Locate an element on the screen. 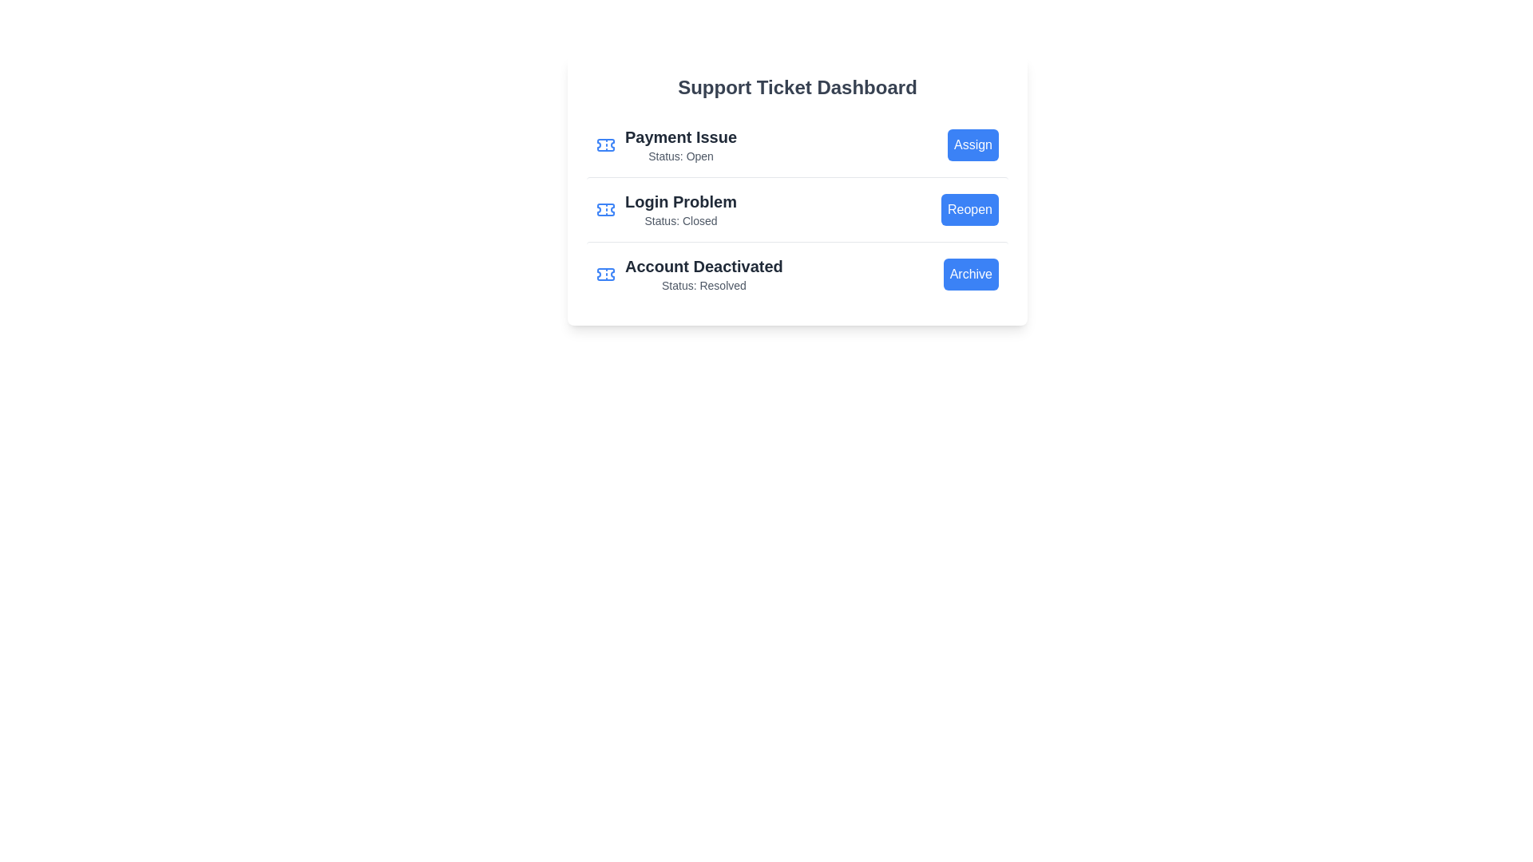 The width and height of the screenshot is (1533, 862). the Reopen button to perform the respective action is located at coordinates (969, 208).